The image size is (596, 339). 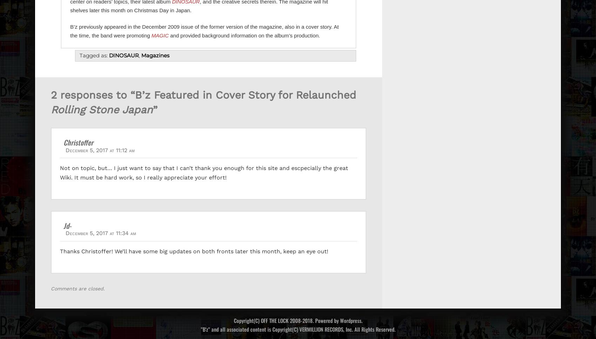 I want to click on 'Thanks Christoffer! We’ll have some big updates on both fronts later this month, keep an eye out!', so click(x=194, y=251).